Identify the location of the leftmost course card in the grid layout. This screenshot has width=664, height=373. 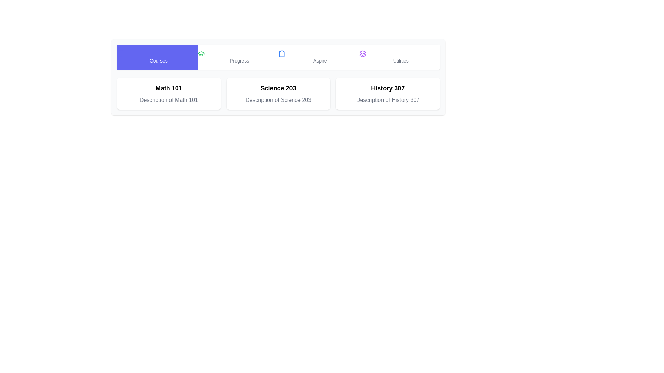
(169, 94).